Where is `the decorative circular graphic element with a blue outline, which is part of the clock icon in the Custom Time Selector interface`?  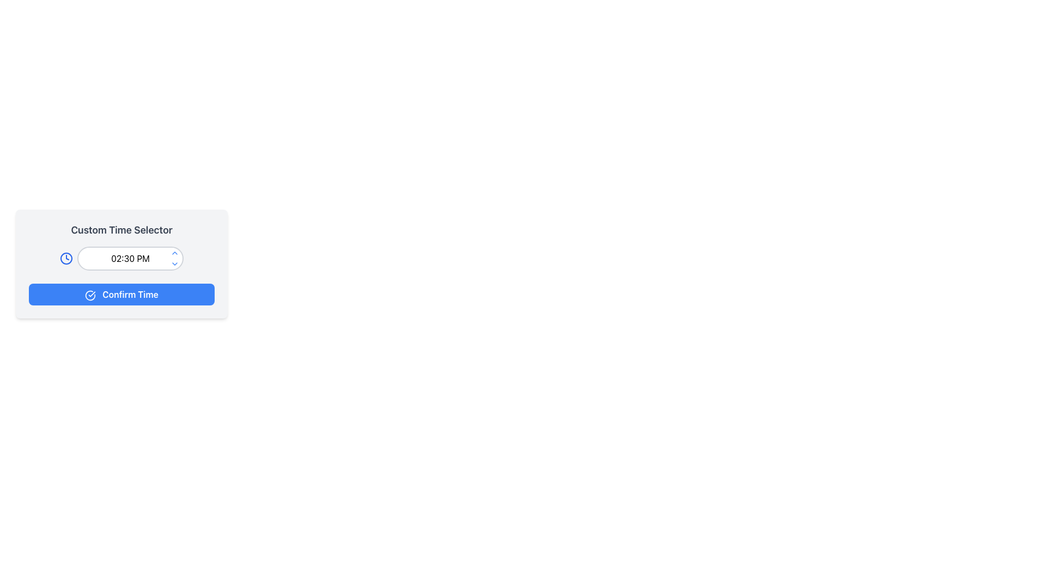 the decorative circular graphic element with a blue outline, which is part of the clock icon in the Custom Time Selector interface is located at coordinates (65, 258).